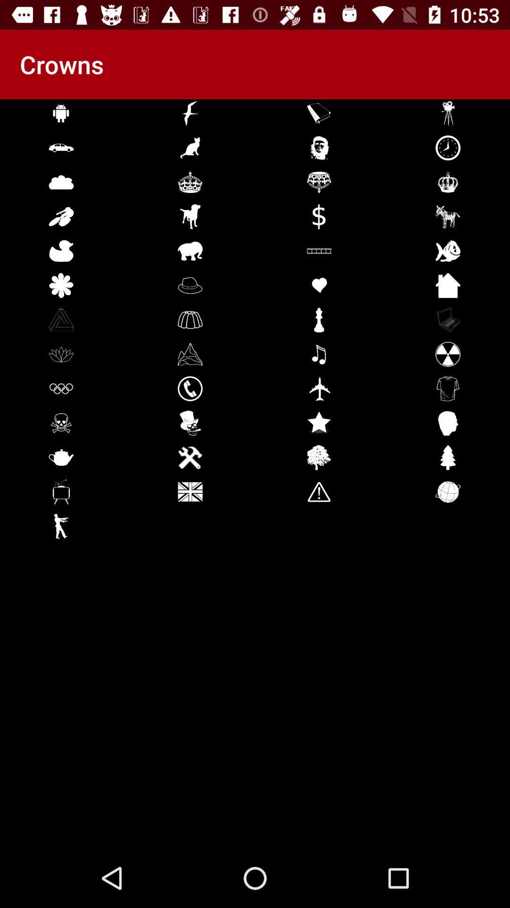 The height and width of the screenshot is (908, 510). What do you see at coordinates (61, 353) in the screenshot?
I see `the eight icon which is below crowns on the left side of the page` at bounding box center [61, 353].